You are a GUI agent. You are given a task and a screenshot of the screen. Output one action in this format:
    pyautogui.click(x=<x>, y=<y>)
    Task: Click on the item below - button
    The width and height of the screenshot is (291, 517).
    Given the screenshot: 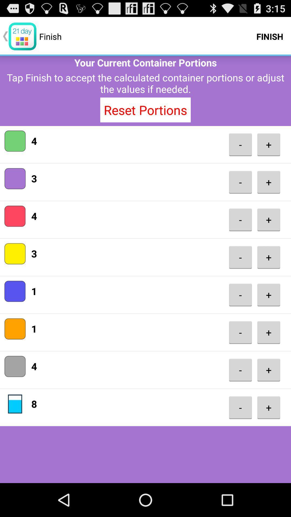 What is the action you would take?
    pyautogui.click(x=269, y=257)
    